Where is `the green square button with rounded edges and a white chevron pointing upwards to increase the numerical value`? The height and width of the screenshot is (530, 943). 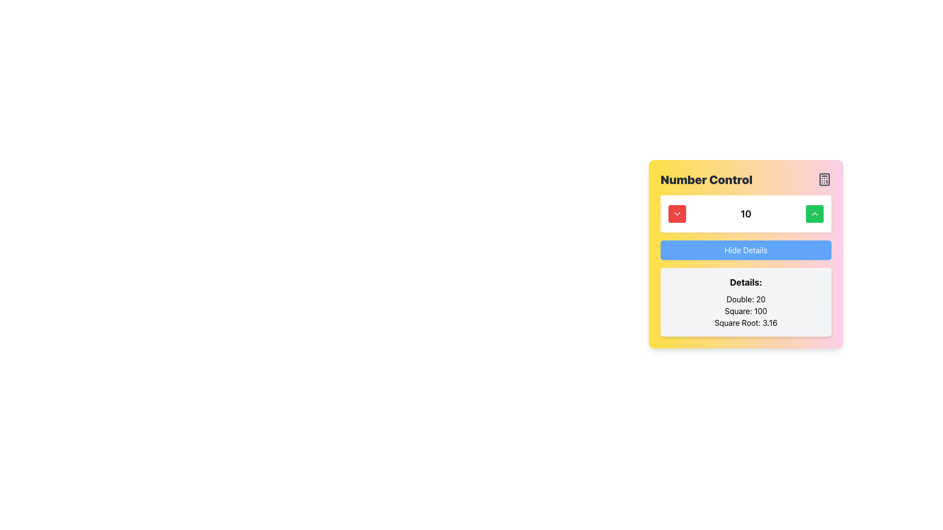
the green square button with rounded edges and a white chevron pointing upwards to increase the numerical value is located at coordinates (815, 213).